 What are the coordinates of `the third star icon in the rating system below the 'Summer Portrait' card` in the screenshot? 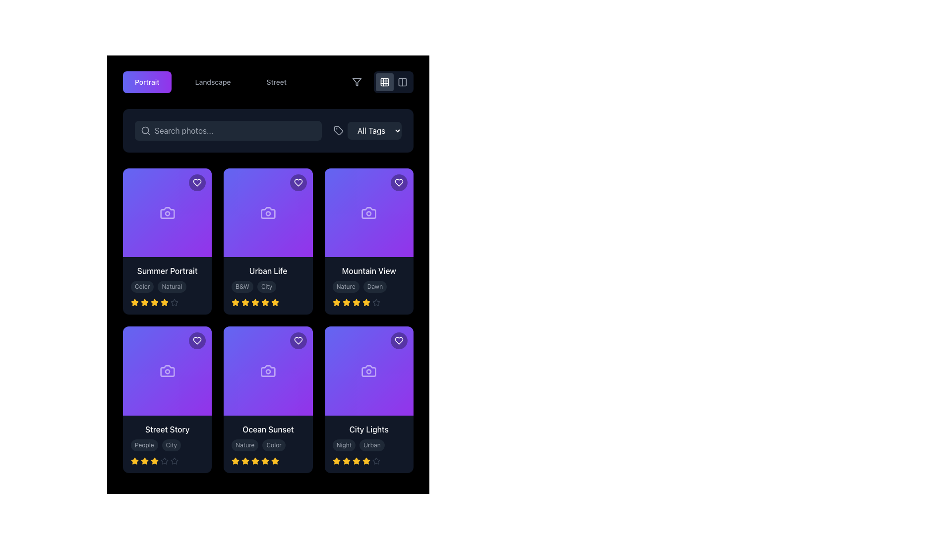 It's located at (144, 302).